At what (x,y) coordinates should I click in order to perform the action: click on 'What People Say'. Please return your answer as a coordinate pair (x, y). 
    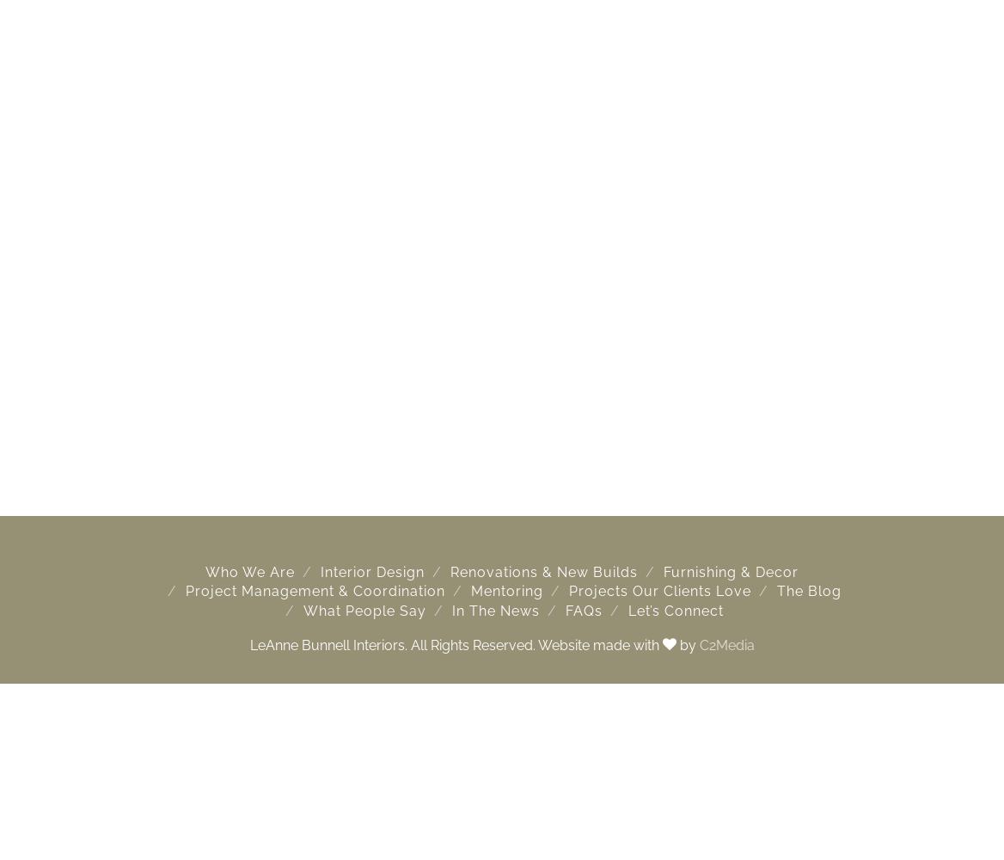
    Looking at the image, I should click on (363, 609).